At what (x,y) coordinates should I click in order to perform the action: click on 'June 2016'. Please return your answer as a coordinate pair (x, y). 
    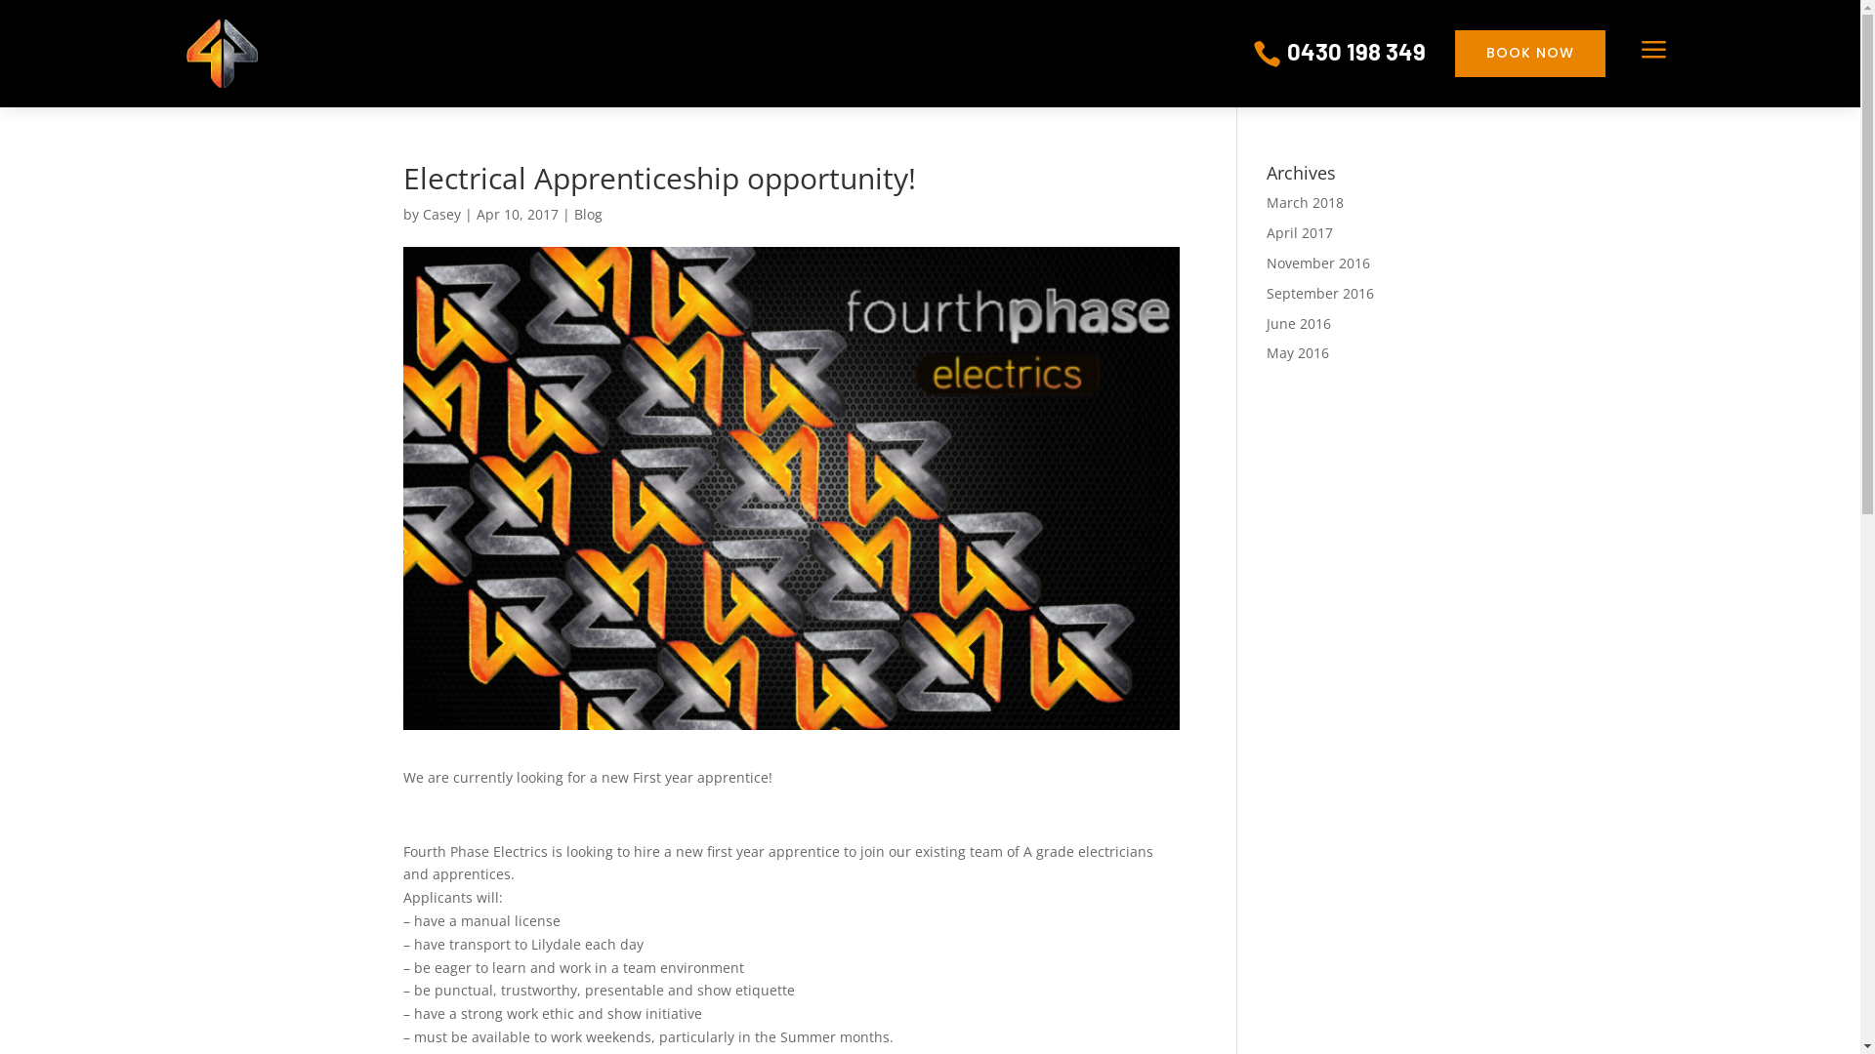
    Looking at the image, I should click on (1298, 322).